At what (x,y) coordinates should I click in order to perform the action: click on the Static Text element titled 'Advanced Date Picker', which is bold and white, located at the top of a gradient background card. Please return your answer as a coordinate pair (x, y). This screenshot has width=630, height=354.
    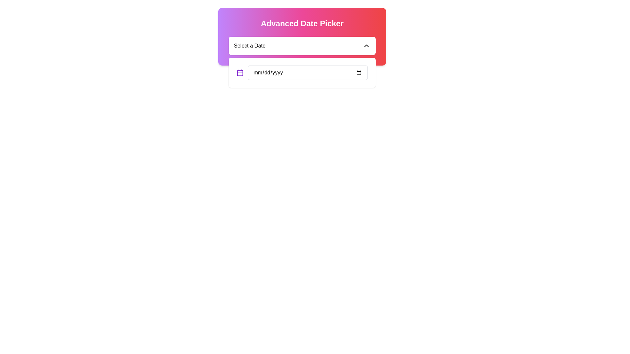
    Looking at the image, I should click on (302, 23).